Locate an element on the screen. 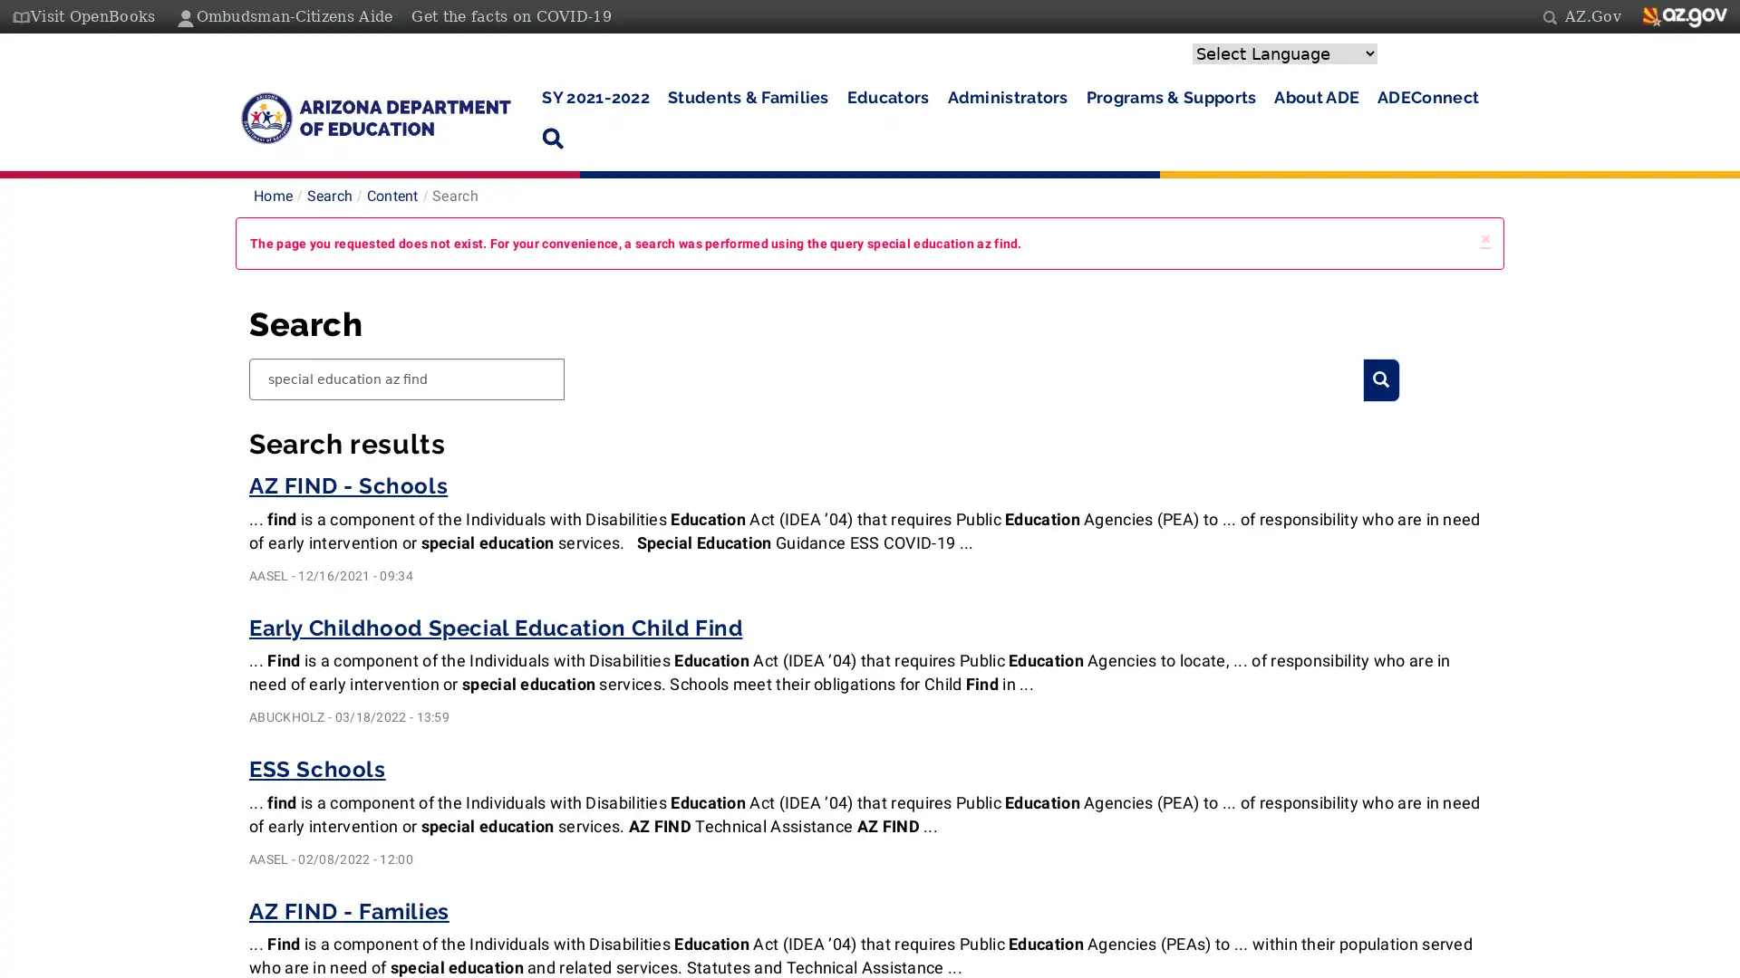  Search is located at coordinates (274, 416).